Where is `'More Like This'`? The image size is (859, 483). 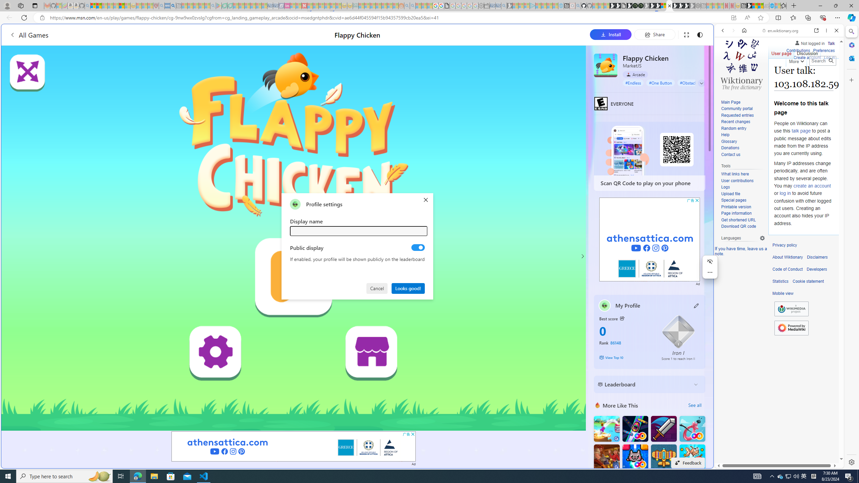 'More Like This' is located at coordinates (597, 405).